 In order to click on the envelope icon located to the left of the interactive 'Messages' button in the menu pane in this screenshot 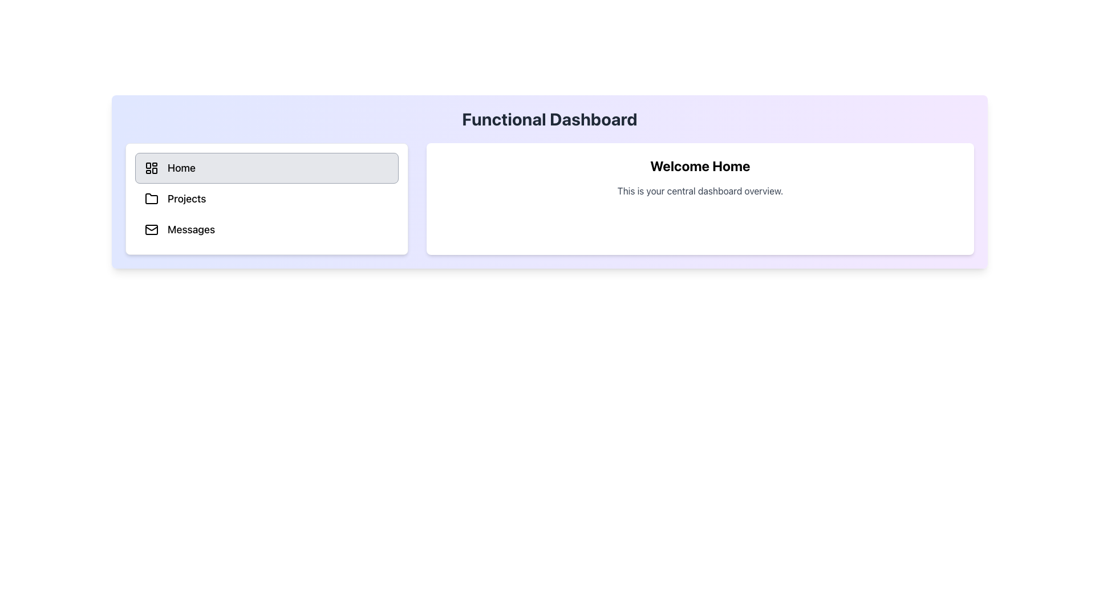, I will do `click(151, 229)`.